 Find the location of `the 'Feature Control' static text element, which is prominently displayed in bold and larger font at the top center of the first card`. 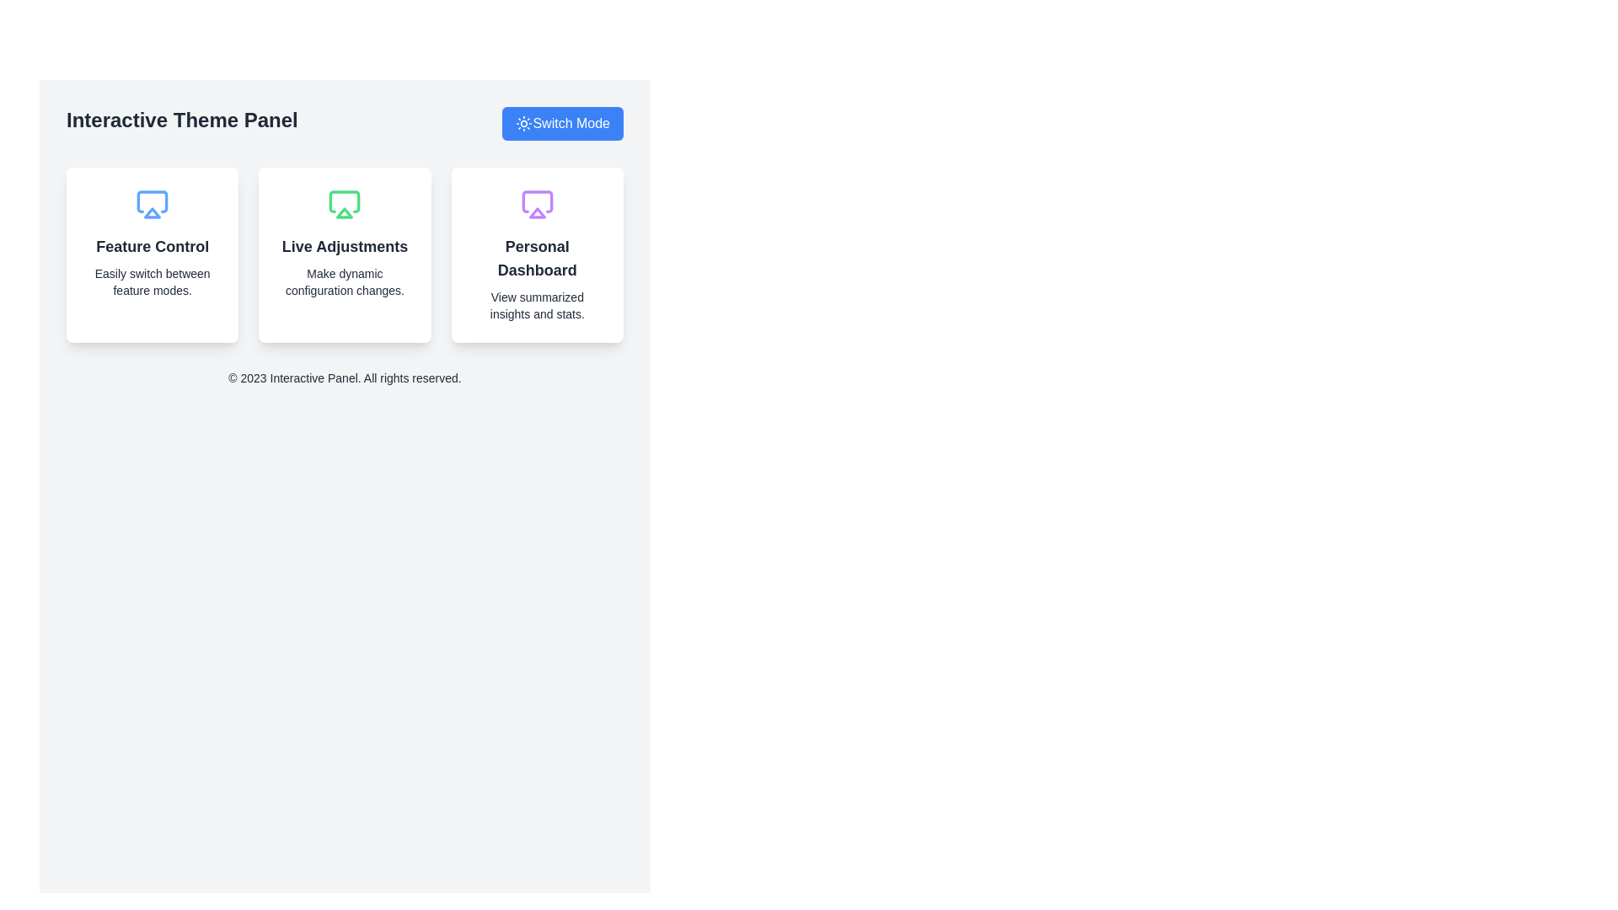

the 'Feature Control' static text element, which is prominently displayed in bold and larger font at the top center of the first card is located at coordinates (153, 247).